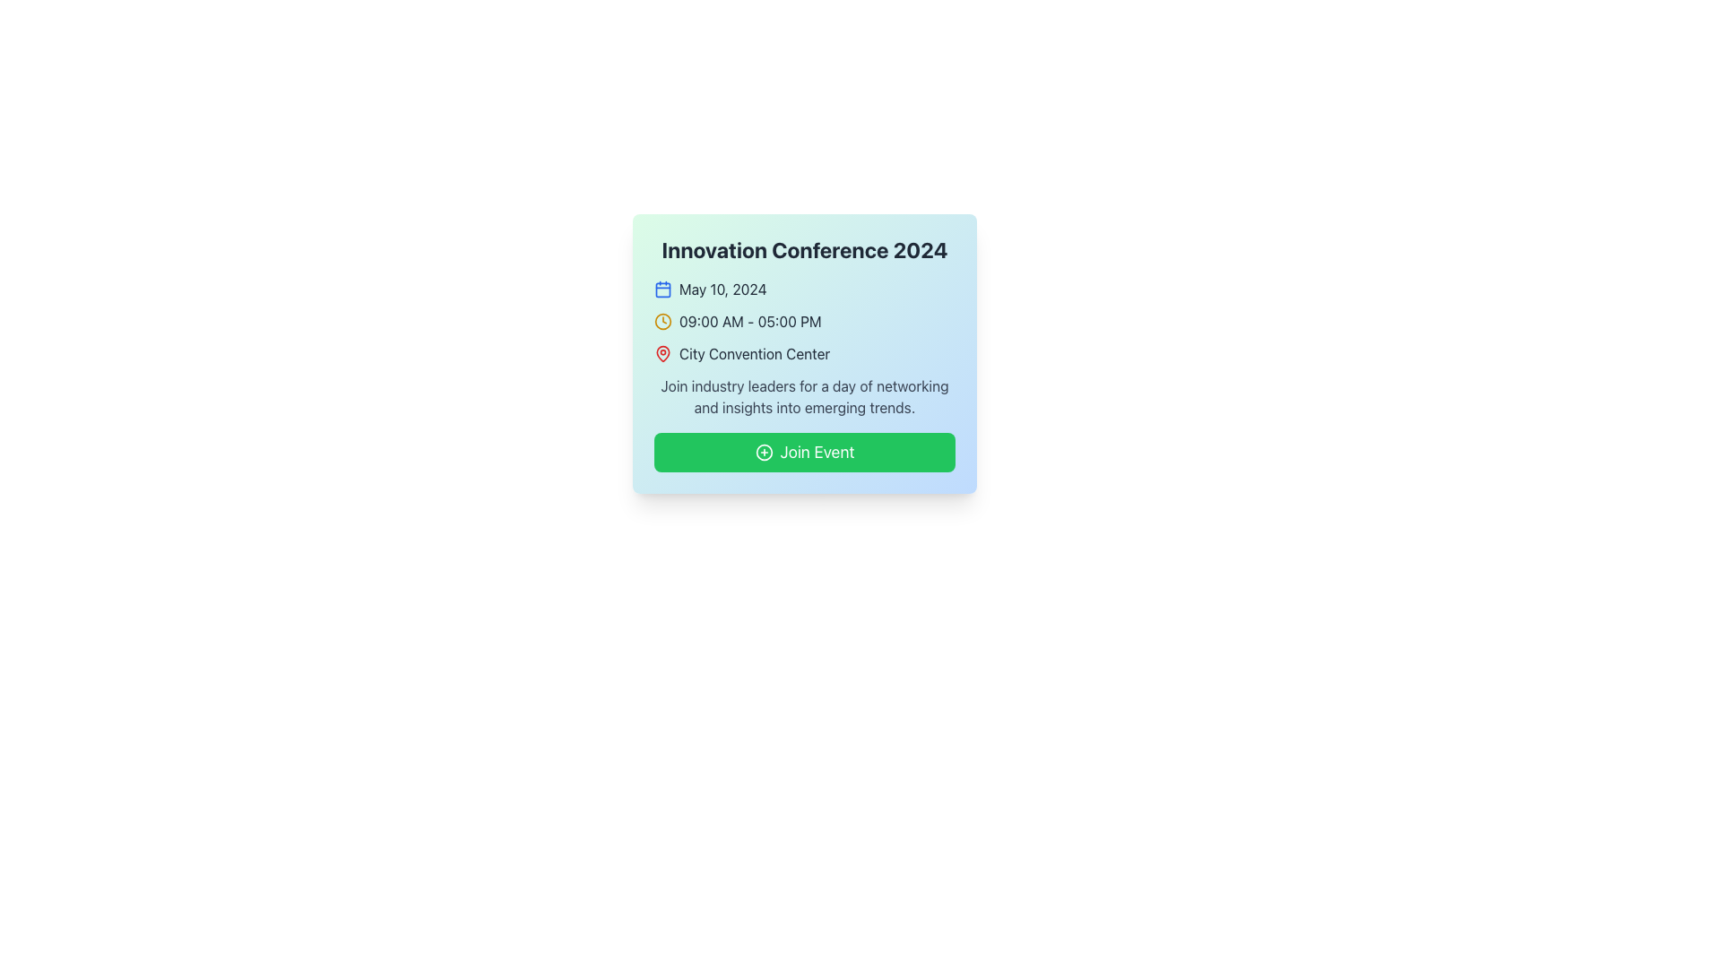 The image size is (1721, 968). Describe the element at coordinates (722, 289) in the screenshot. I see `static text element that represents the date of the event, positioned to the immediate right of a calendar icon at the top section of the card` at that location.